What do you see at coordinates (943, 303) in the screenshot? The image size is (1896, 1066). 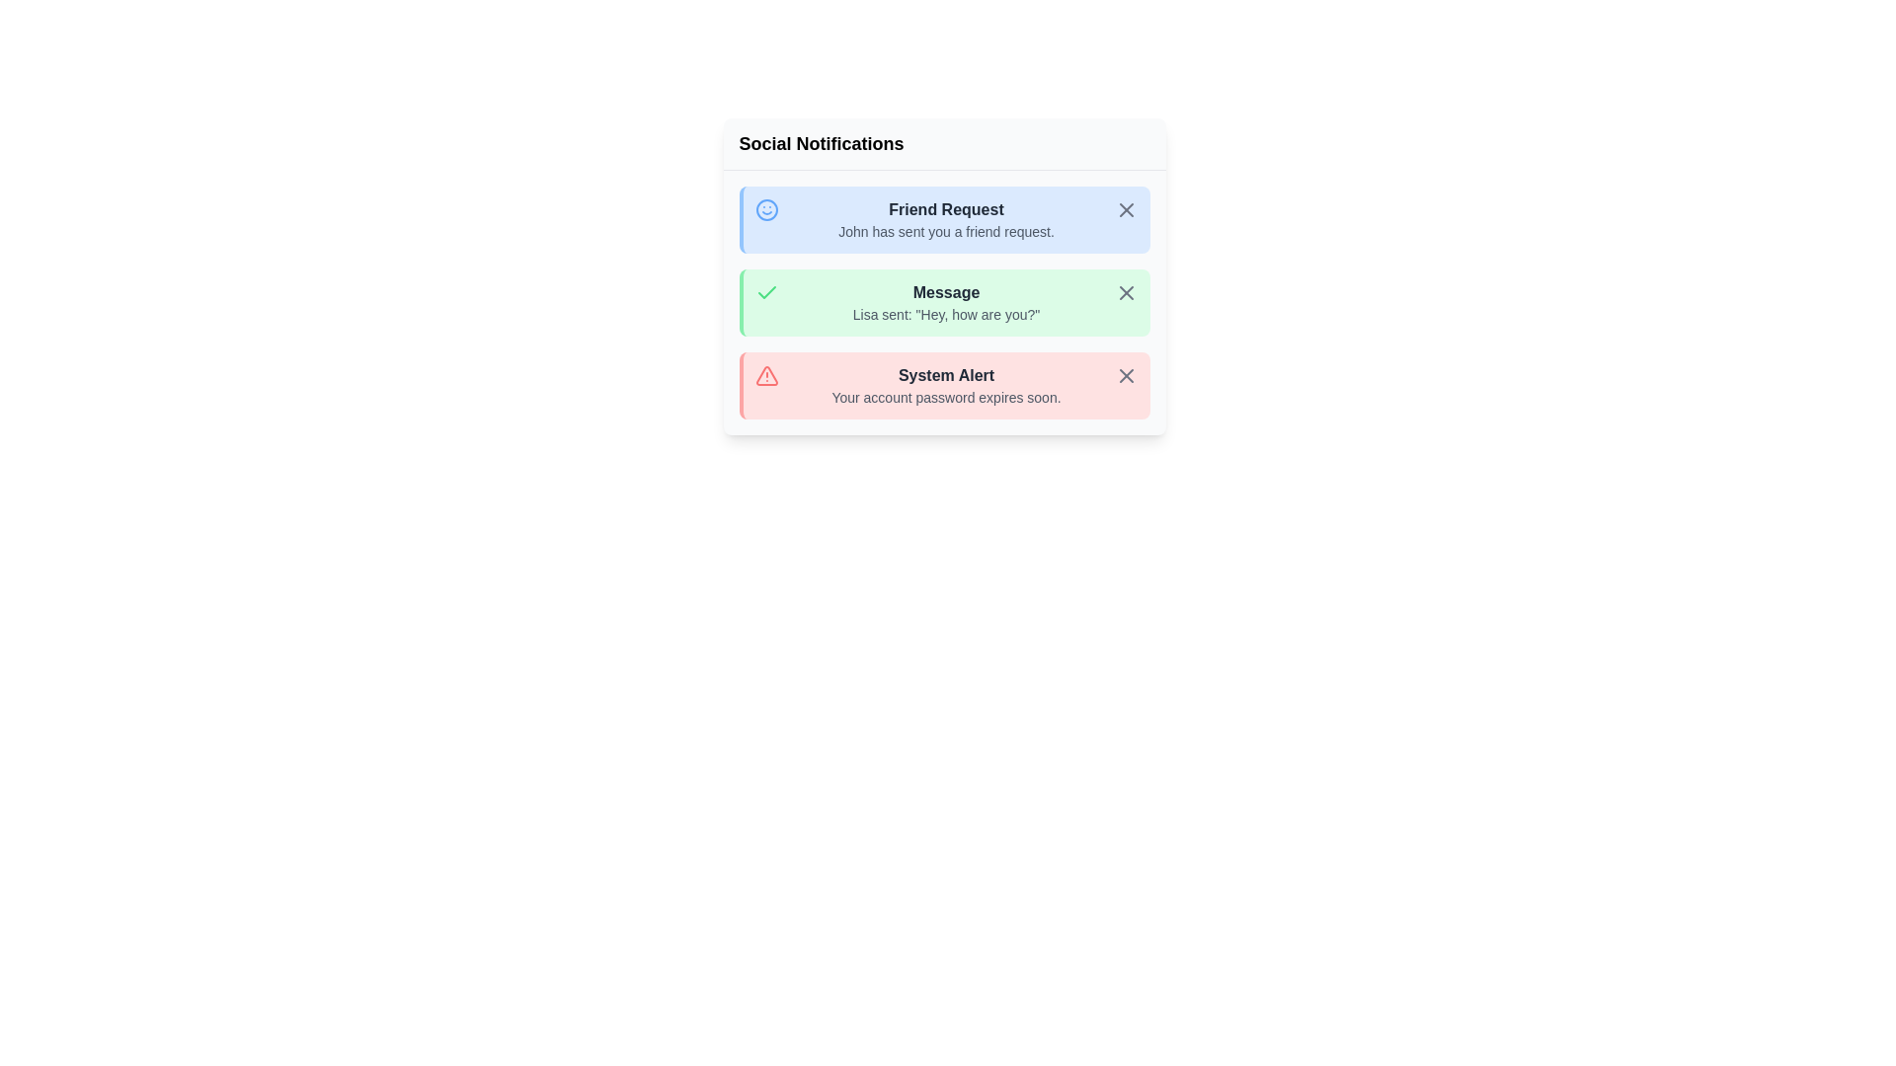 I see `the second notification in the 'Social Notifications' panel to focus or expand details` at bounding box center [943, 303].